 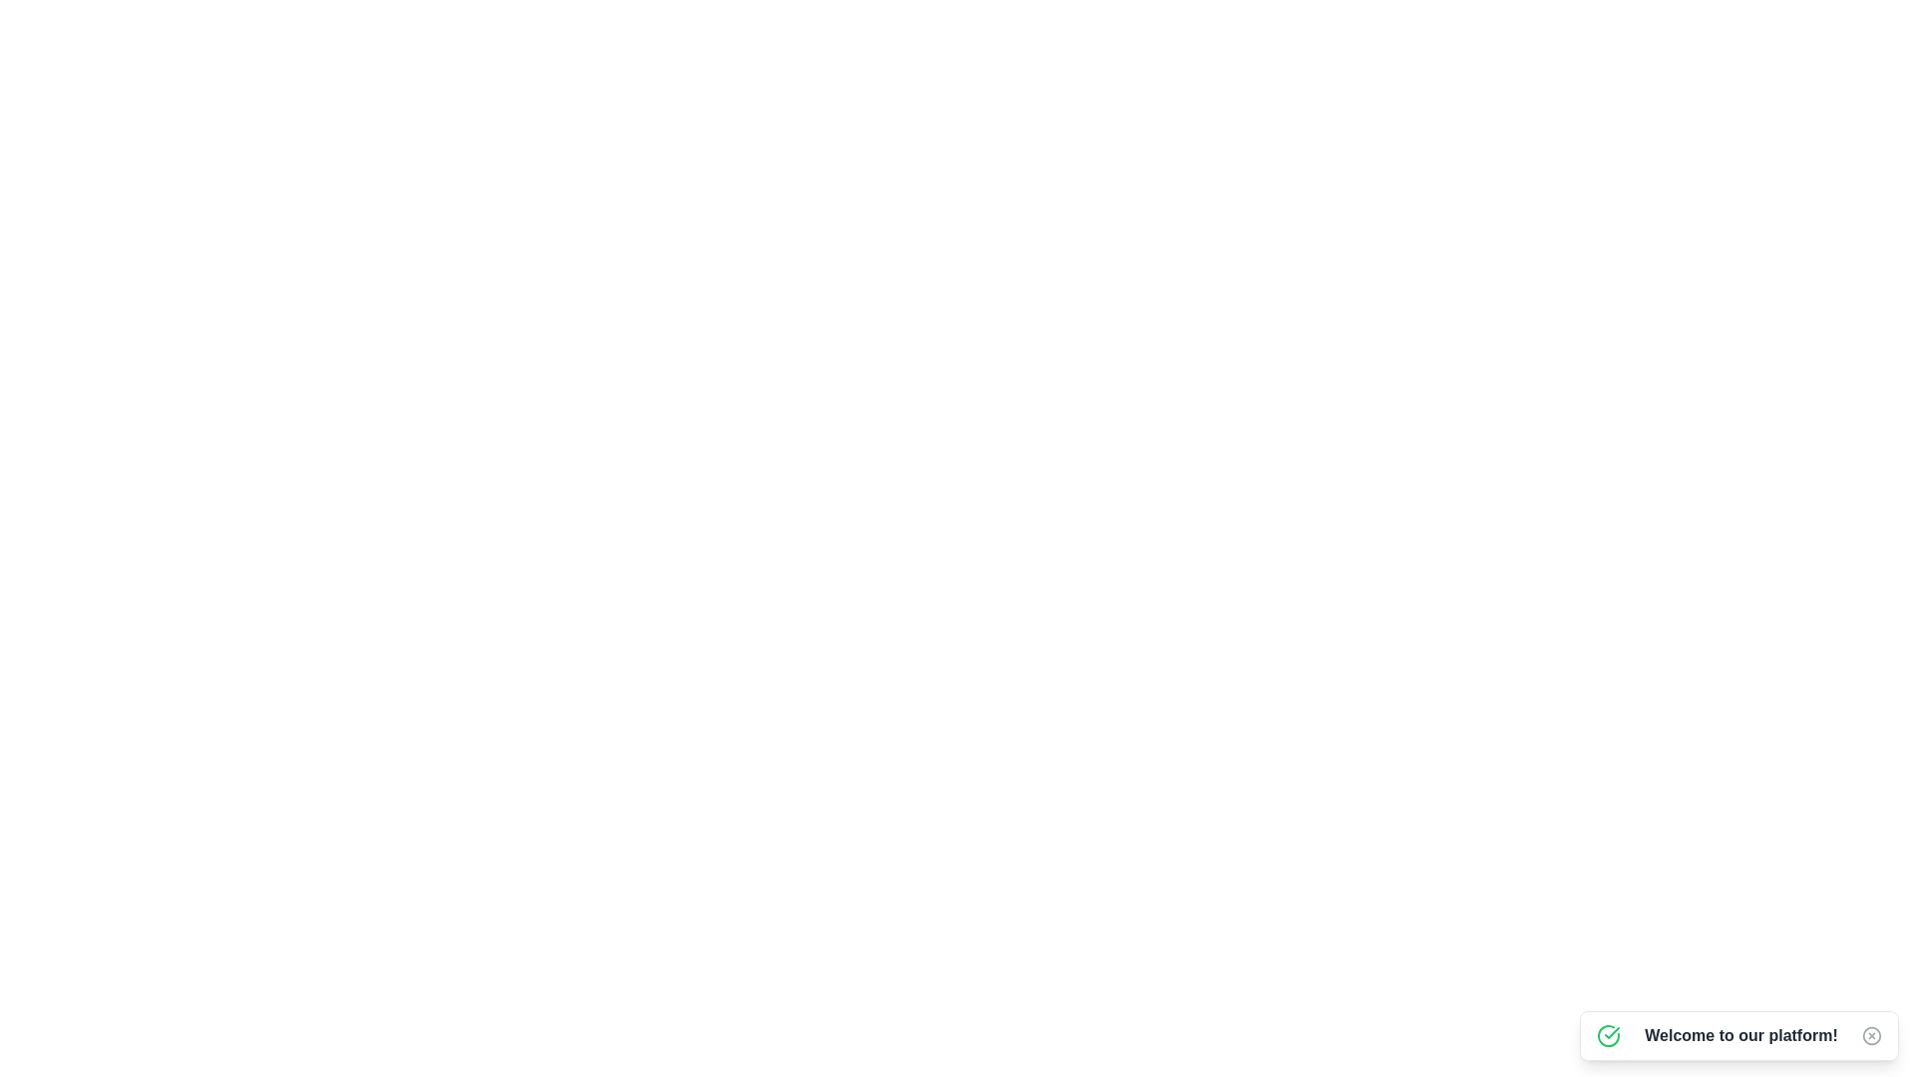 What do you see at coordinates (1737, 1034) in the screenshot?
I see `the notification card element located at the bottom-right corner of the interface` at bounding box center [1737, 1034].